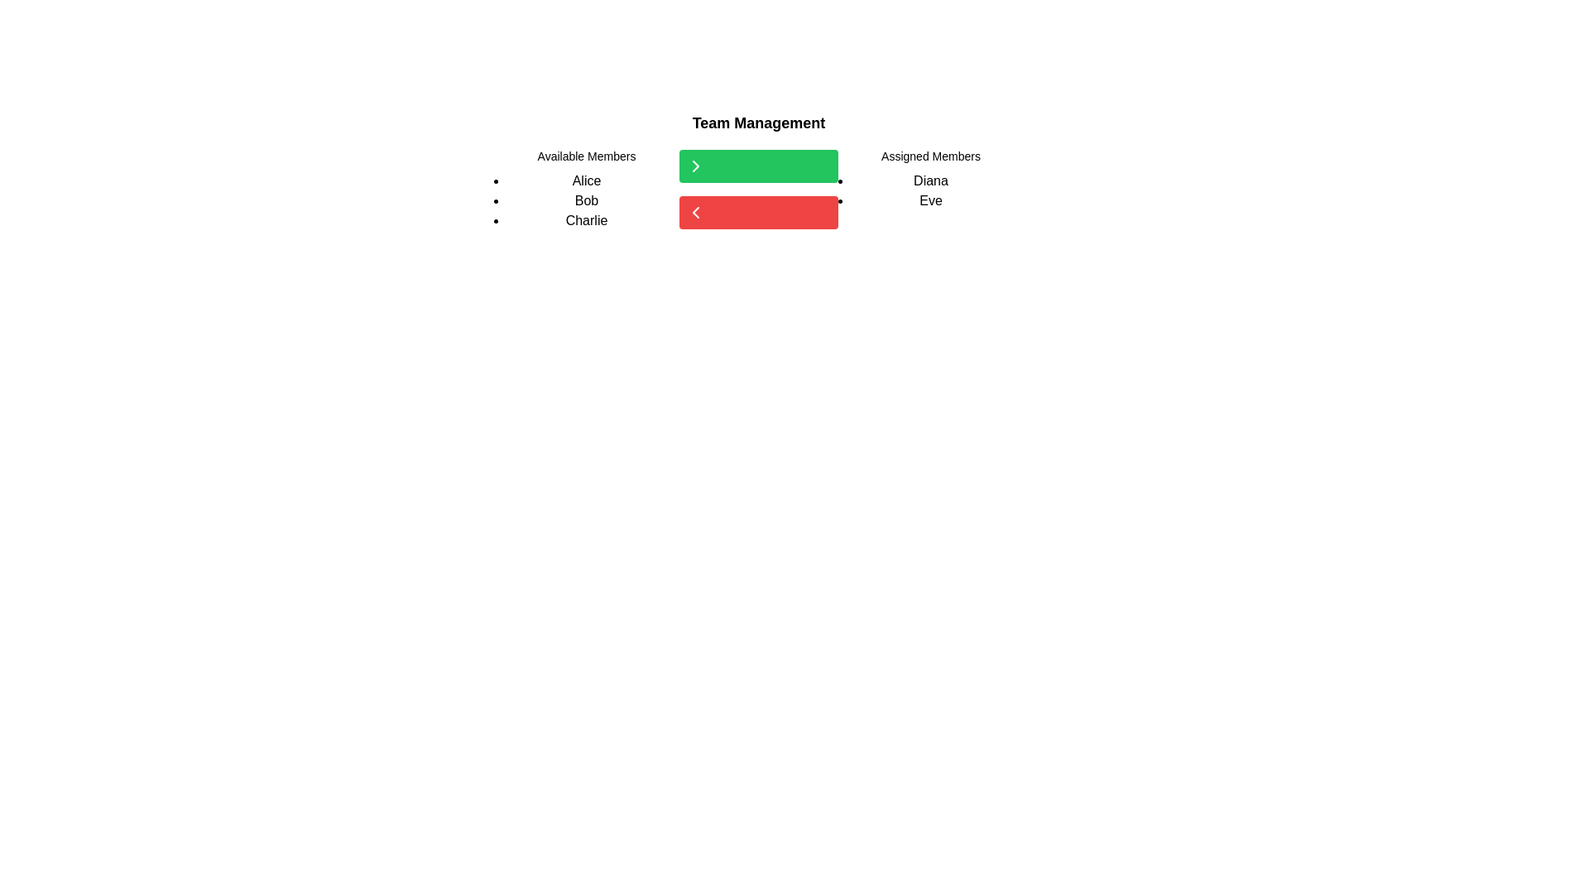 The width and height of the screenshot is (1589, 894). What do you see at coordinates (930, 181) in the screenshot?
I see `the text element labeled 'Diana' in the 'Assigned Members' area, which is styled in black and positioned as the first item in the list` at bounding box center [930, 181].